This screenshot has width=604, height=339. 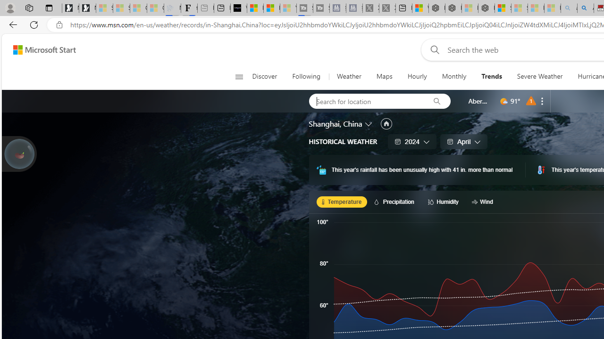 What do you see at coordinates (416, 76) in the screenshot?
I see `'Hourly'` at bounding box center [416, 76].